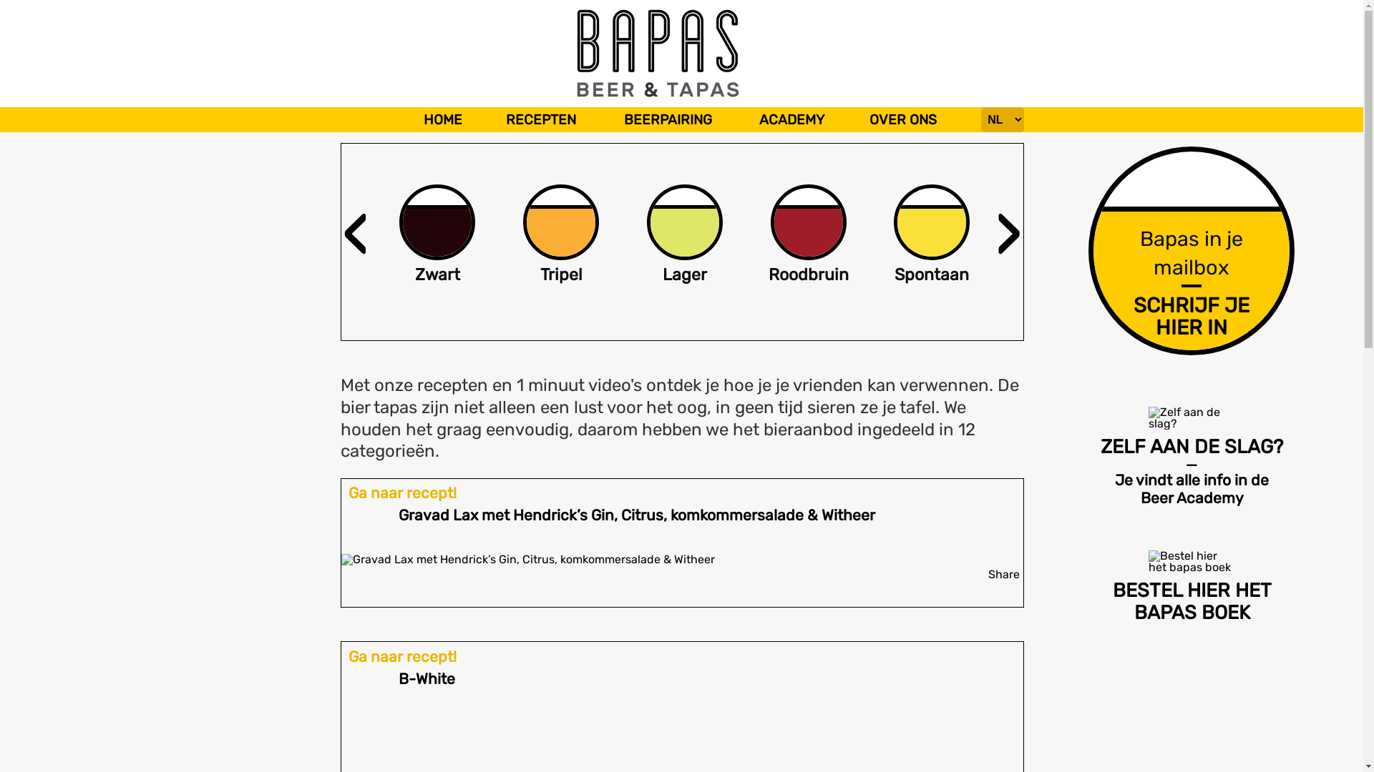 Image resolution: width=1374 pixels, height=772 pixels. What do you see at coordinates (667, 119) in the screenshot?
I see `'BEERPAIRING'` at bounding box center [667, 119].